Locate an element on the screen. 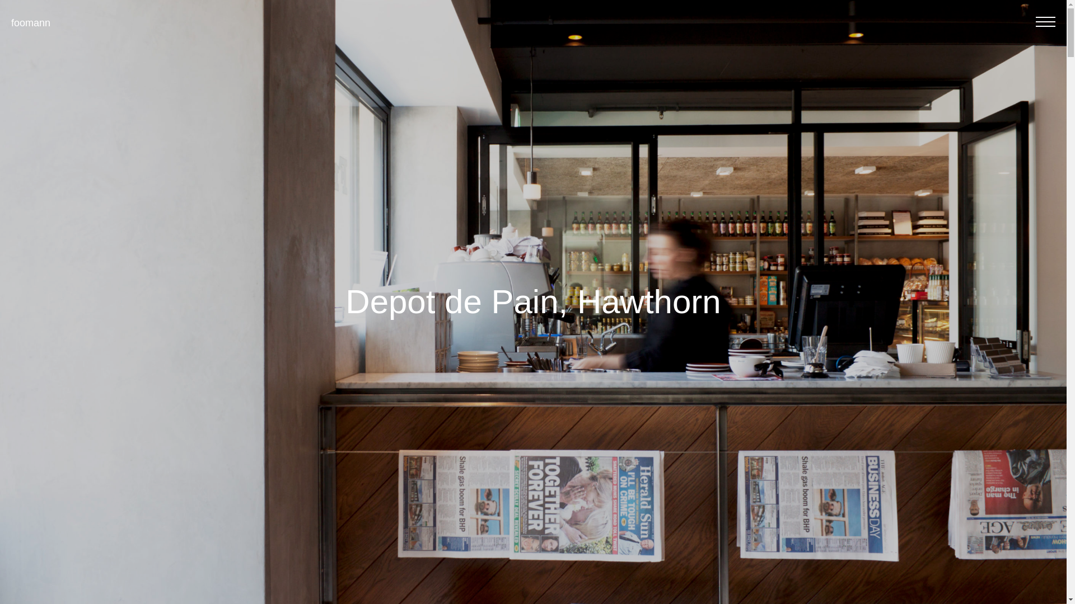 The width and height of the screenshot is (1075, 604). 'foomann' is located at coordinates (30, 23).